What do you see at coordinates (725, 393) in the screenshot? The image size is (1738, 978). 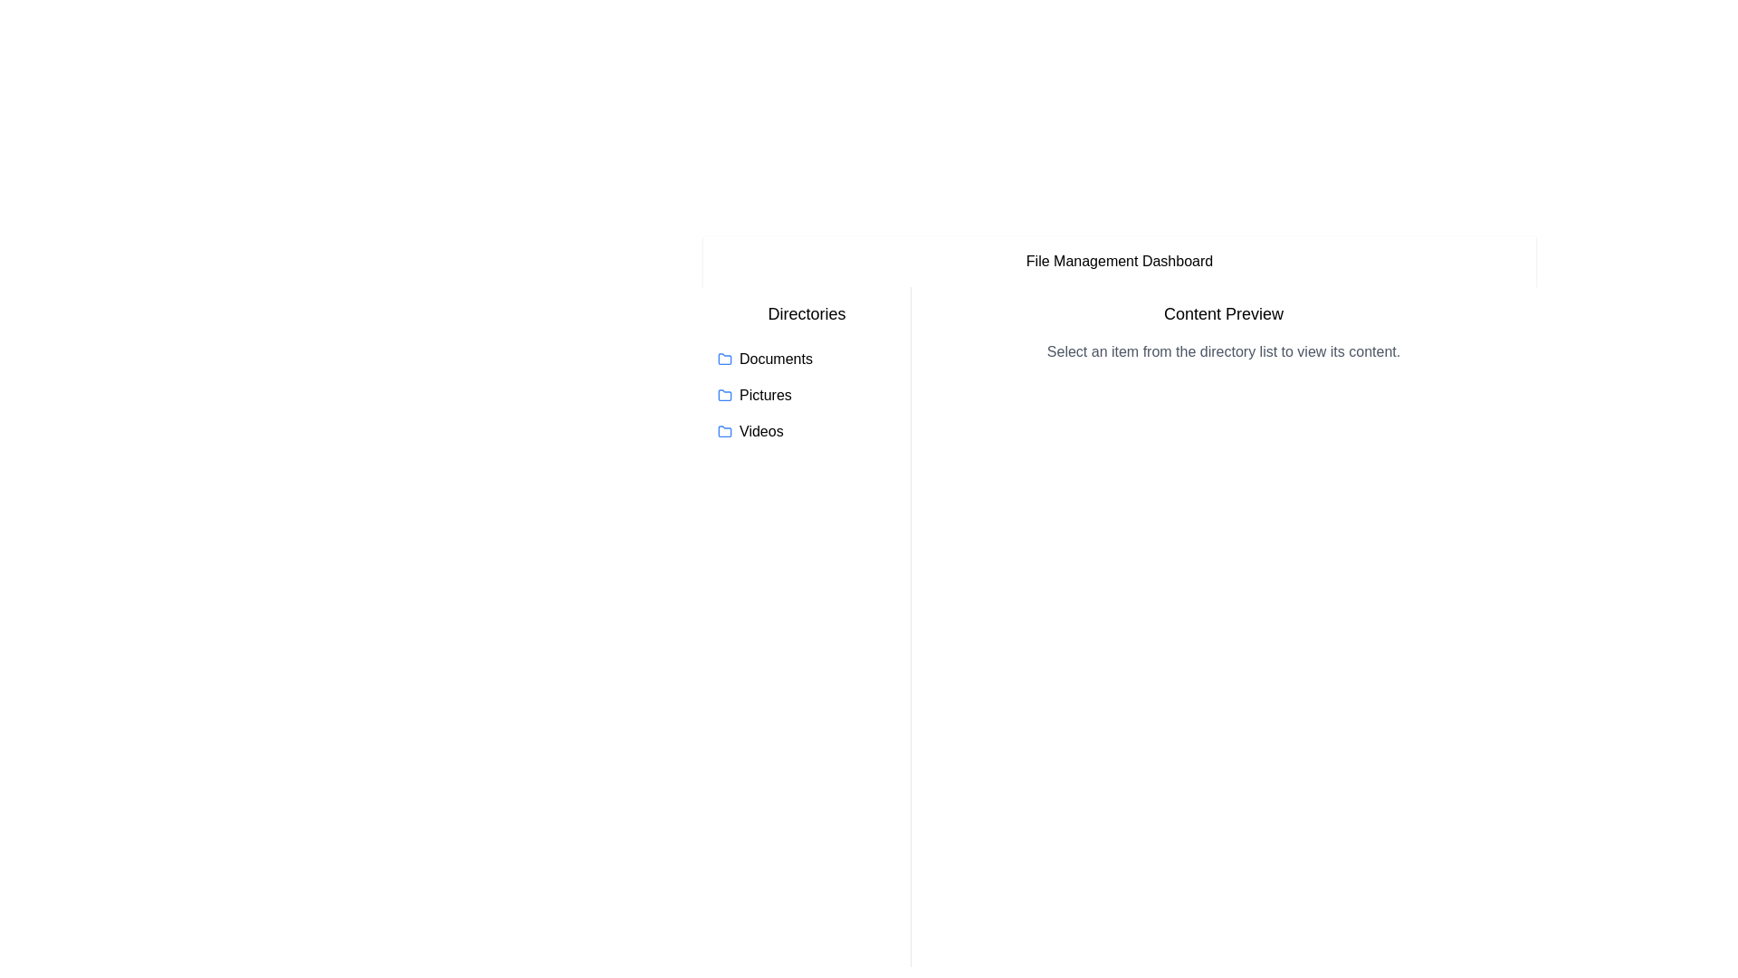 I see `the blue minimized folder icon located next to the 'Pictures' label in the directory listing to interact with it` at bounding box center [725, 393].